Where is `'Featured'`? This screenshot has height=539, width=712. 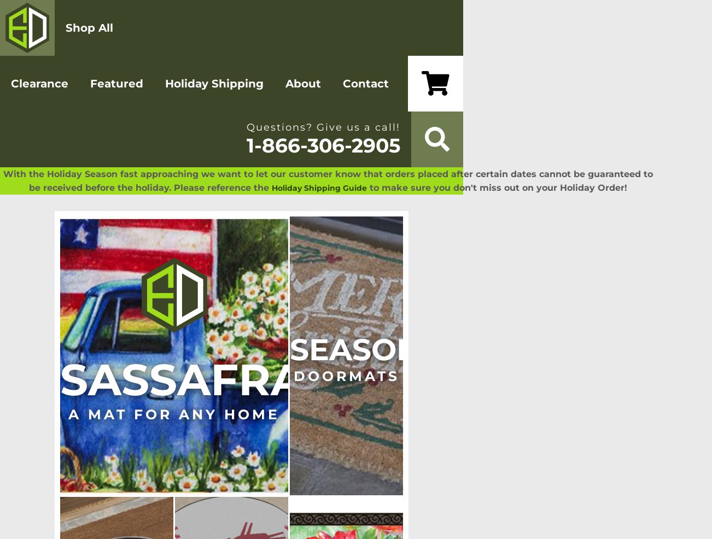
'Featured' is located at coordinates (116, 84).